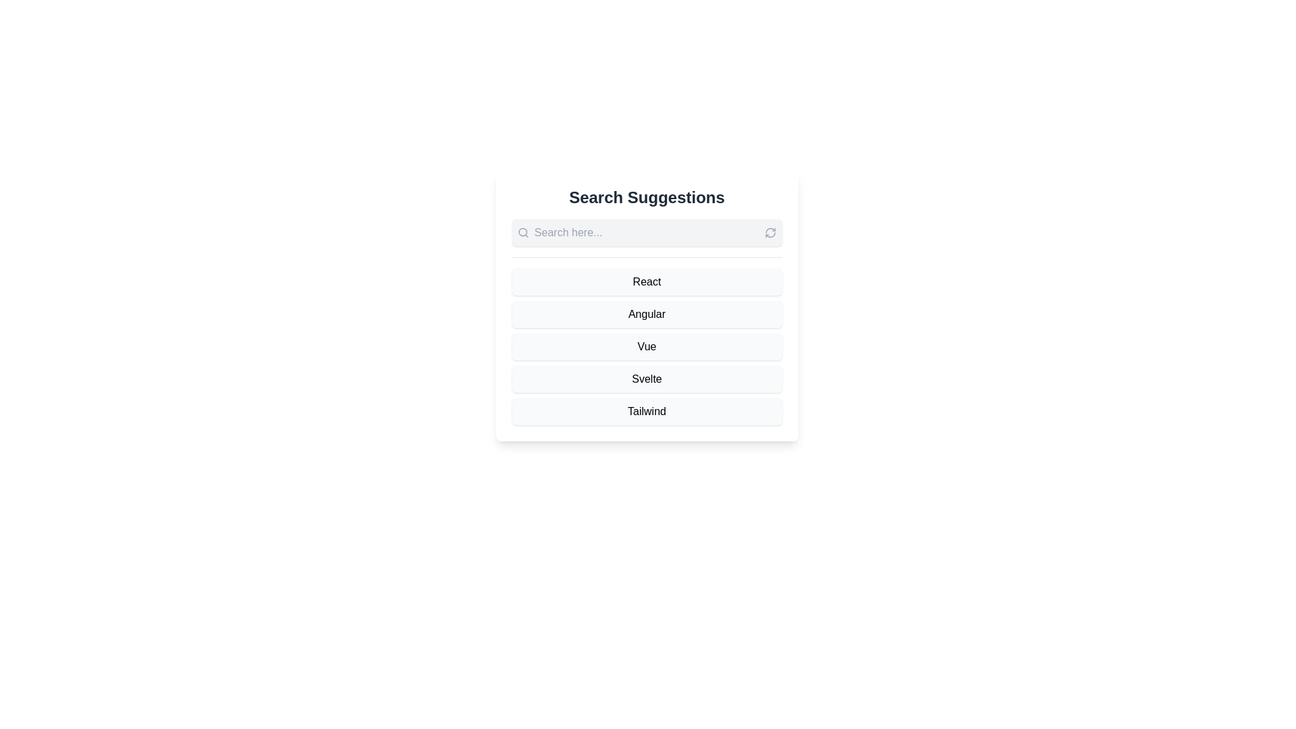 The image size is (1296, 729). Describe the element at coordinates (646, 315) in the screenshot. I see `the 'Angular' button, which is a light gray rectangular button with rounded edges, featuring the text 'Angular' in black, located under the 'React' button in the search suggestions` at that location.